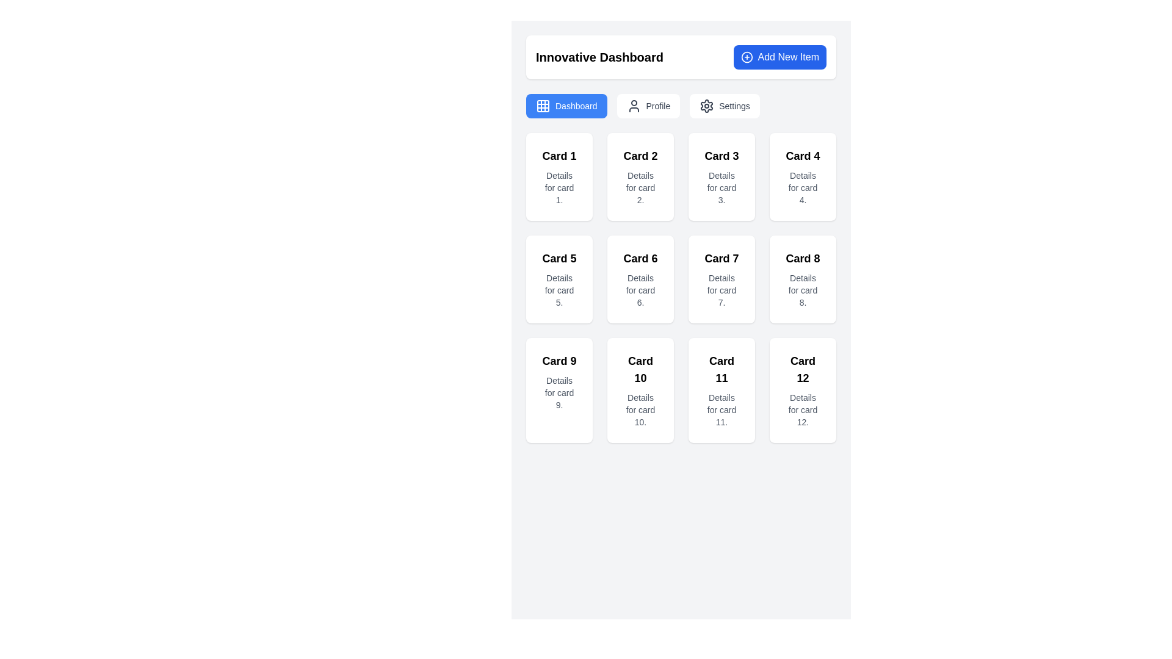 The width and height of the screenshot is (1172, 659). I want to click on the Text Label that reads 'Details for card 12.', located beneath the title in the card layout of 'Card 12' in the fourth row and last column of the grid, so click(803, 409).